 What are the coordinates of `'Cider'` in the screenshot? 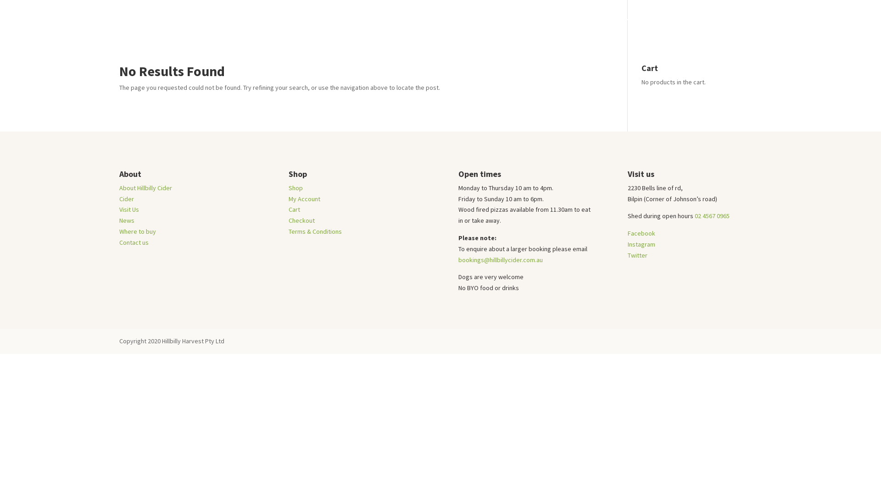 It's located at (126, 198).